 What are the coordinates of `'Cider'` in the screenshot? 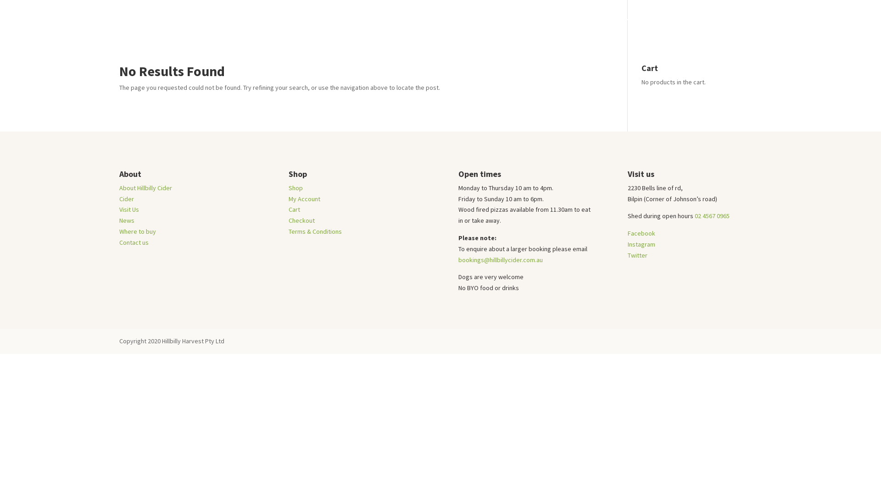 It's located at (126, 198).